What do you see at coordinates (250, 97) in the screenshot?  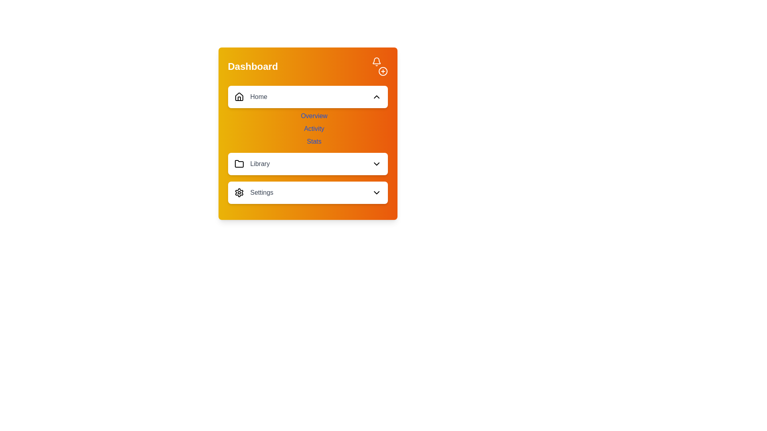 I see `the Navigation button with a house icon and the word 'Home' located in the sidebar menu, positioned below 'Dashboard' and above 'Library'` at bounding box center [250, 97].